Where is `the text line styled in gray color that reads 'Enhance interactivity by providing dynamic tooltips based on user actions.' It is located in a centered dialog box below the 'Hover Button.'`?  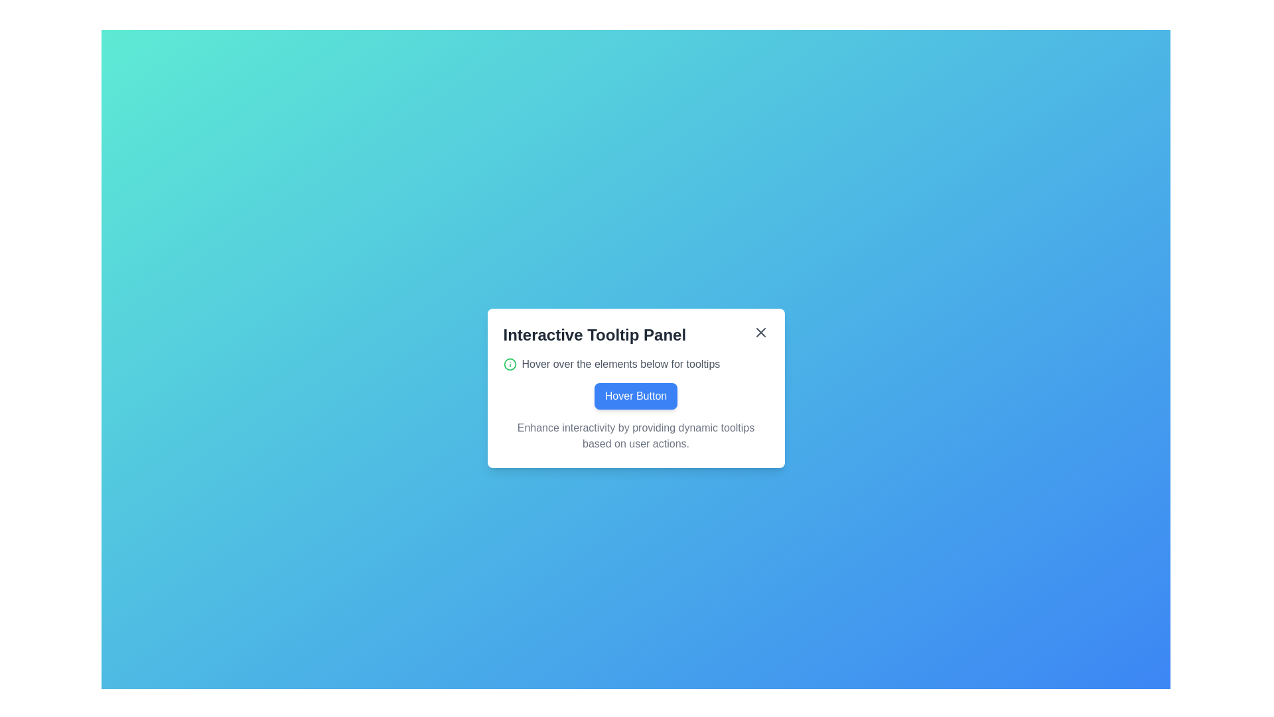
the text line styled in gray color that reads 'Enhance interactivity by providing dynamic tooltips based on user actions.' It is located in a centered dialog box below the 'Hover Button.' is located at coordinates (635, 436).